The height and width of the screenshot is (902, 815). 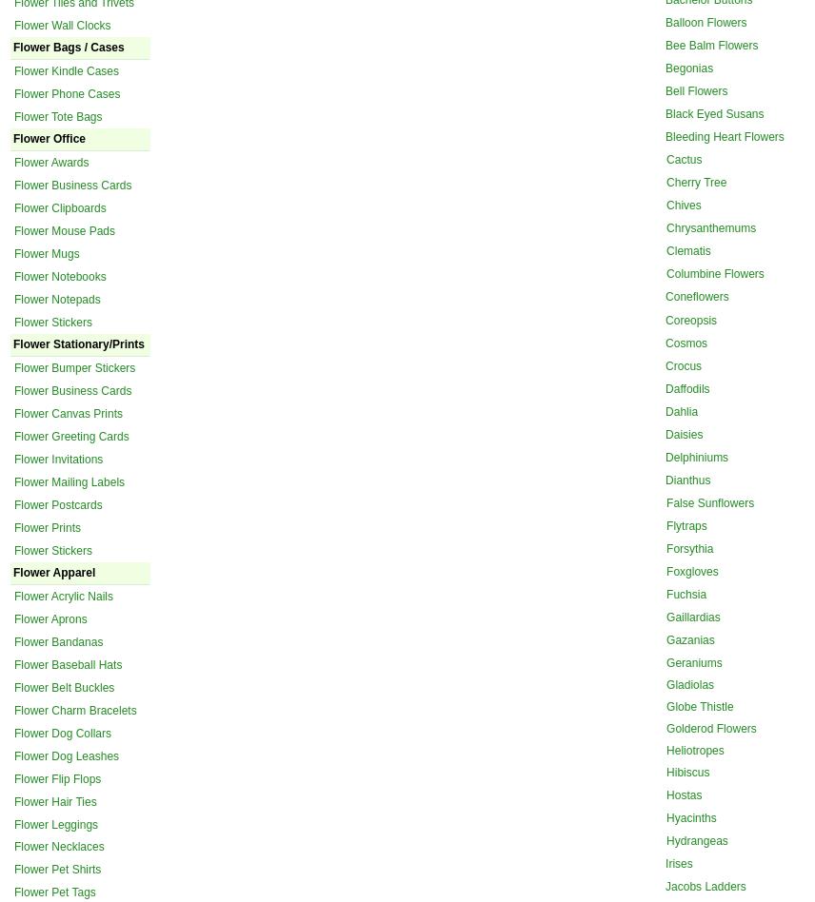 What do you see at coordinates (706, 885) in the screenshot?
I see `'Jacobs 
                          Ladders'` at bounding box center [706, 885].